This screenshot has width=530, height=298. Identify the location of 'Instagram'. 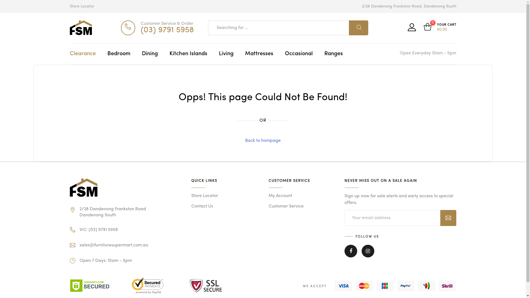
(368, 255).